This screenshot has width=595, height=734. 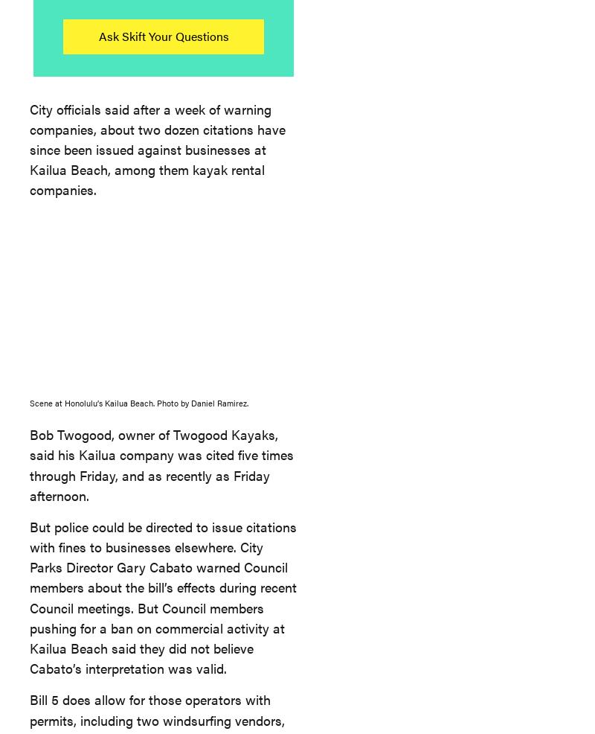 What do you see at coordinates (395, 198) in the screenshot?
I see `'YouTube'` at bounding box center [395, 198].